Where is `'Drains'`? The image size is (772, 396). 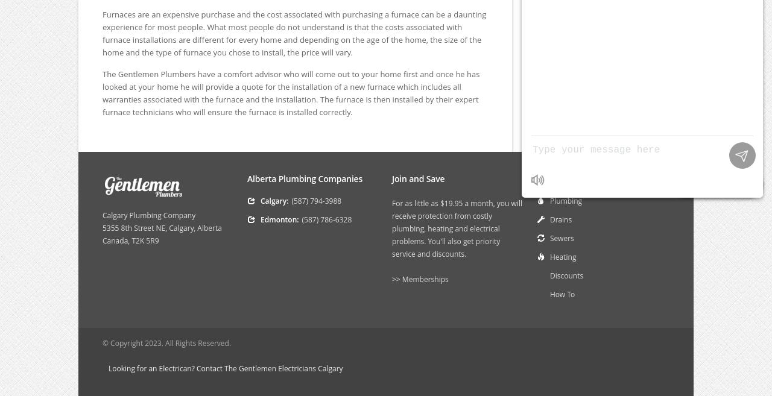 'Drains' is located at coordinates (560, 219).